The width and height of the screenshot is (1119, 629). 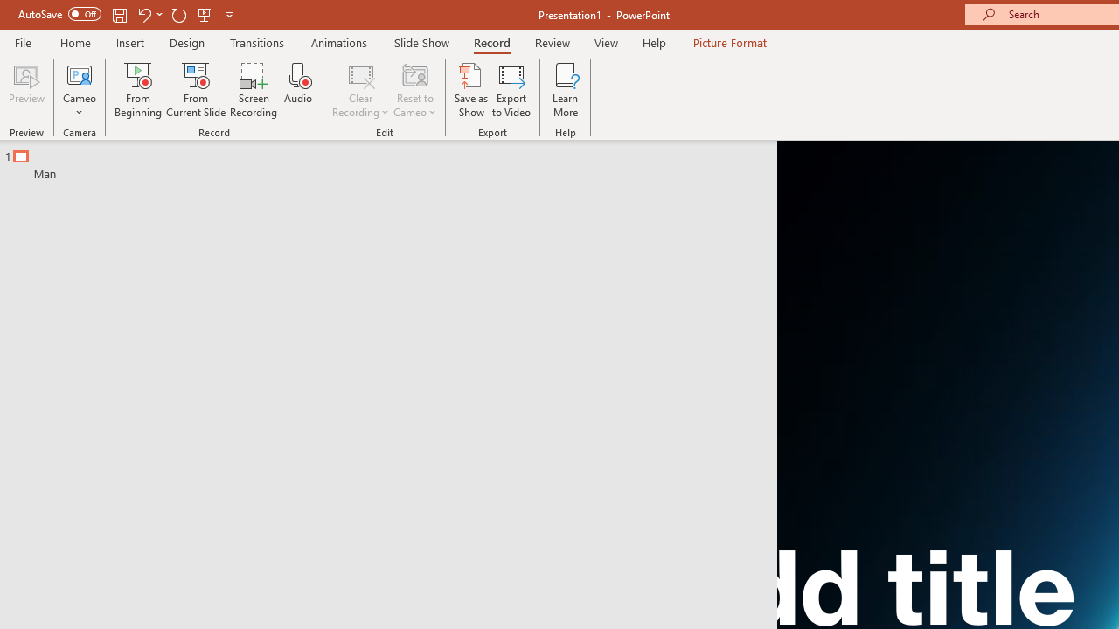 What do you see at coordinates (137, 90) in the screenshot?
I see `'From Beginning...'` at bounding box center [137, 90].